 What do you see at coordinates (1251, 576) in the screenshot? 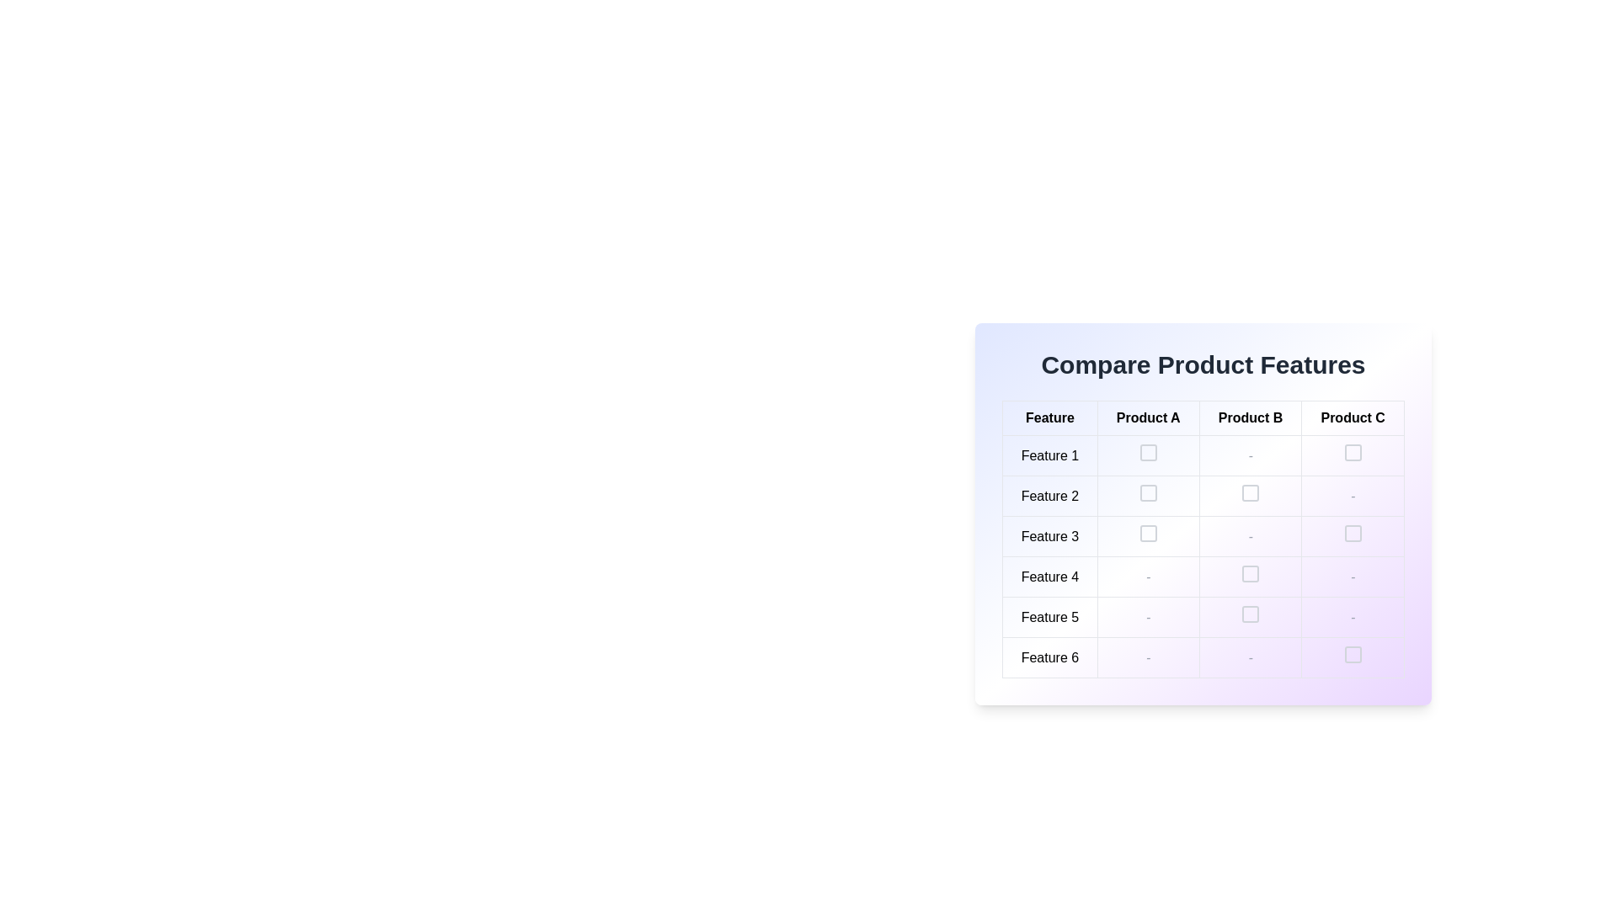
I see `the checkbox located in the cell for 'Feature 4' of 'Product B'` at bounding box center [1251, 576].